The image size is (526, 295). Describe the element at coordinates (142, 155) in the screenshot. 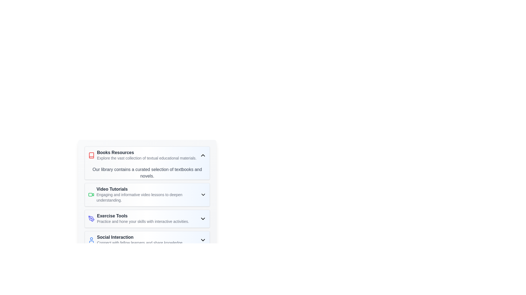

I see `the 'Books Resources' section, which is represented by a red-outlined book icon and a bold title` at that location.